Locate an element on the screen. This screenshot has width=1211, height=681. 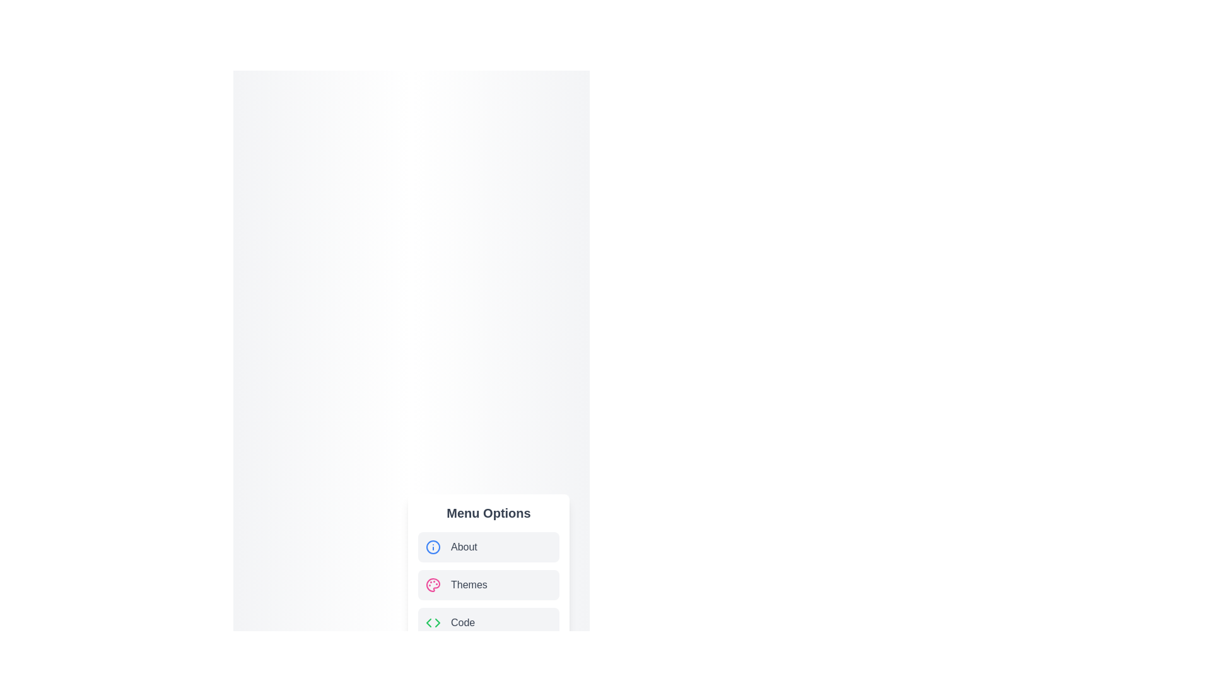
the circular icon with a blue border and white fill located within the 'About' menu section of the SVG graphic is located at coordinates (433, 546).